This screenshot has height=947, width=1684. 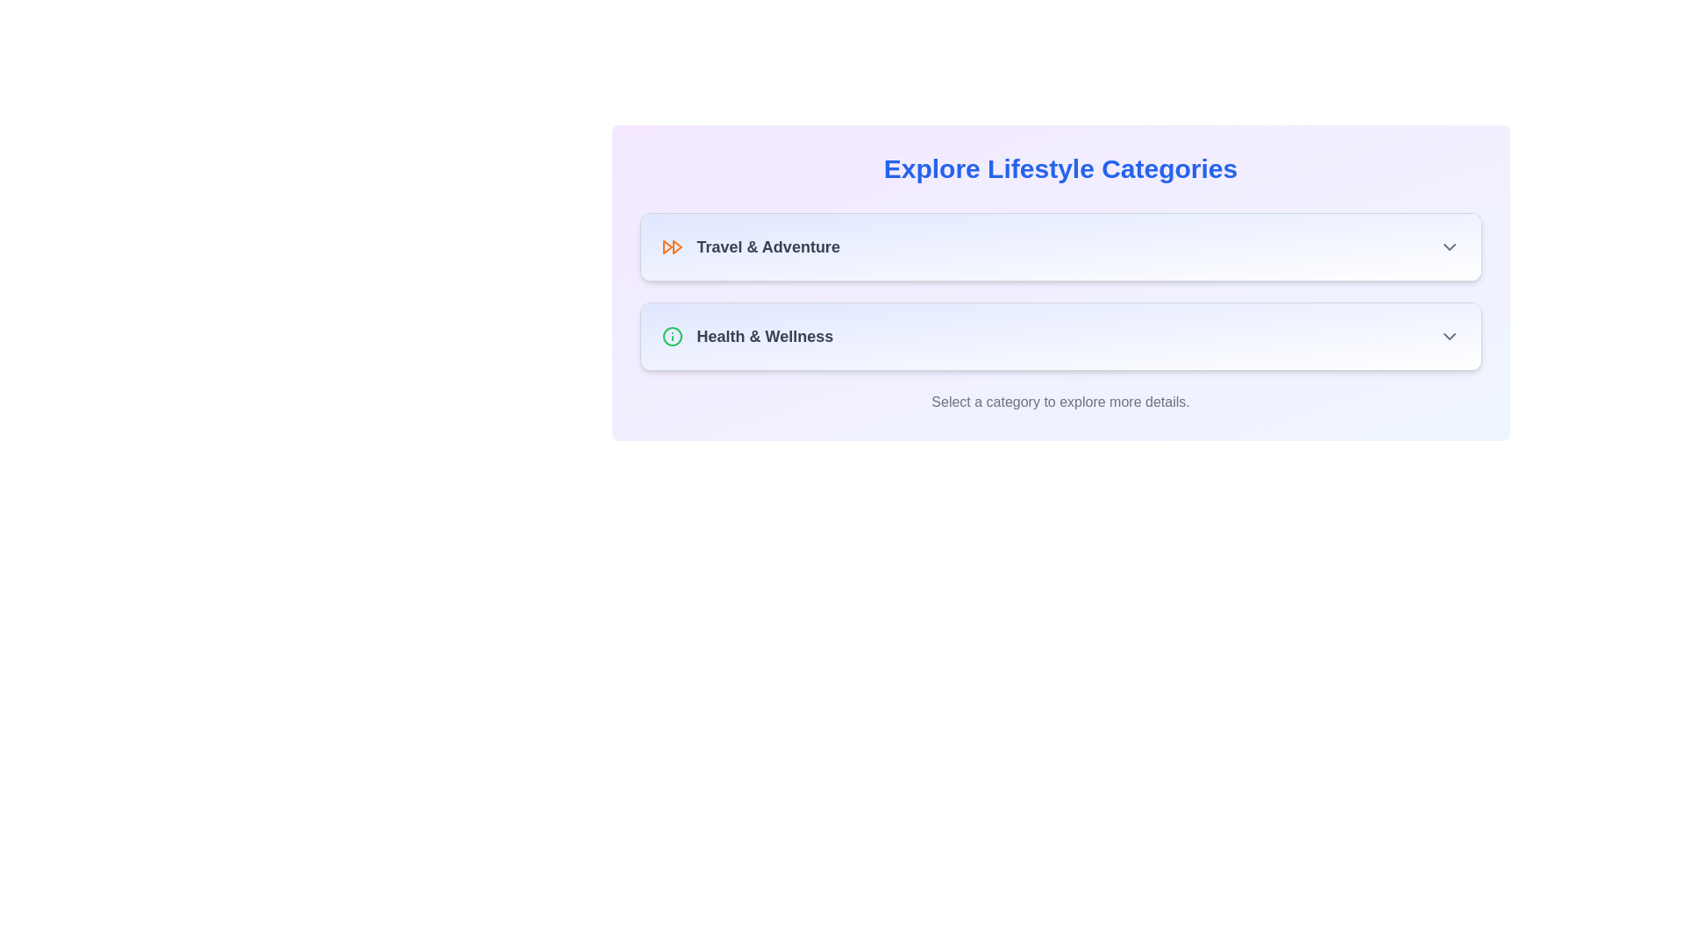 I want to click on the outermost circular shape of the information icon located to the left of the 'Health & Wellness' text in the category list, so click(x=671, y=337).